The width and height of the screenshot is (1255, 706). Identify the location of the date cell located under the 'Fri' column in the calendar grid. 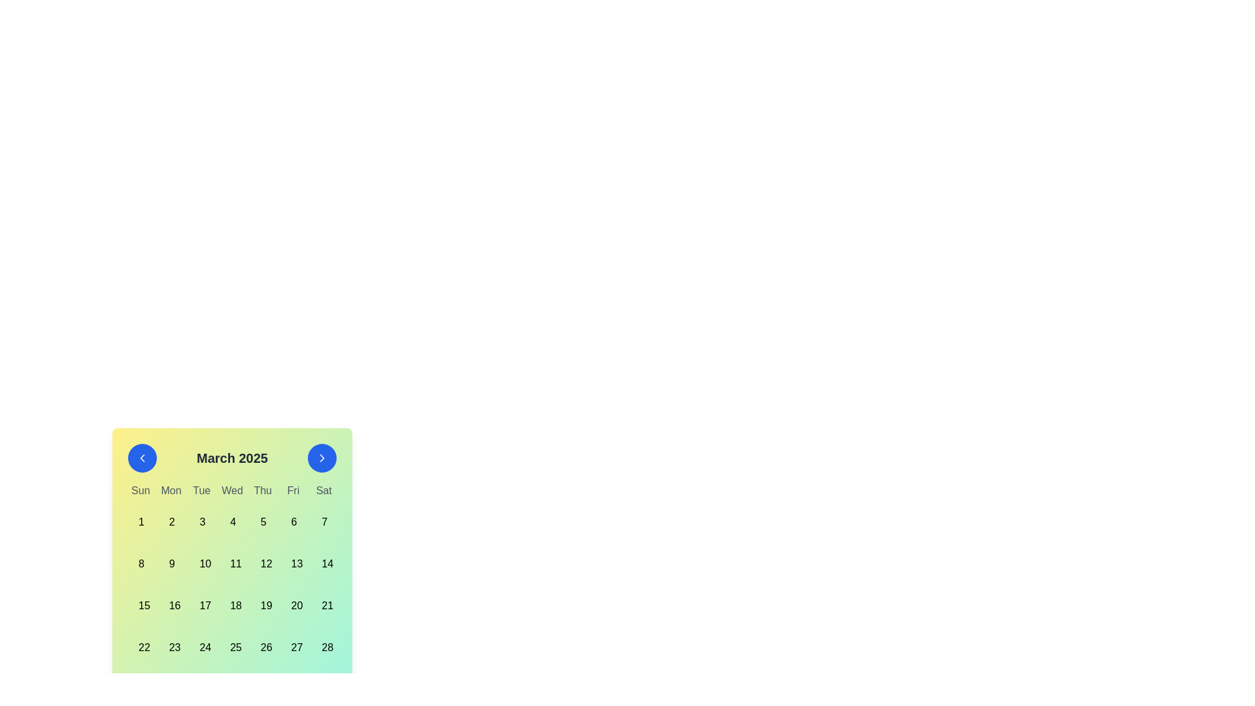
(292, 521).